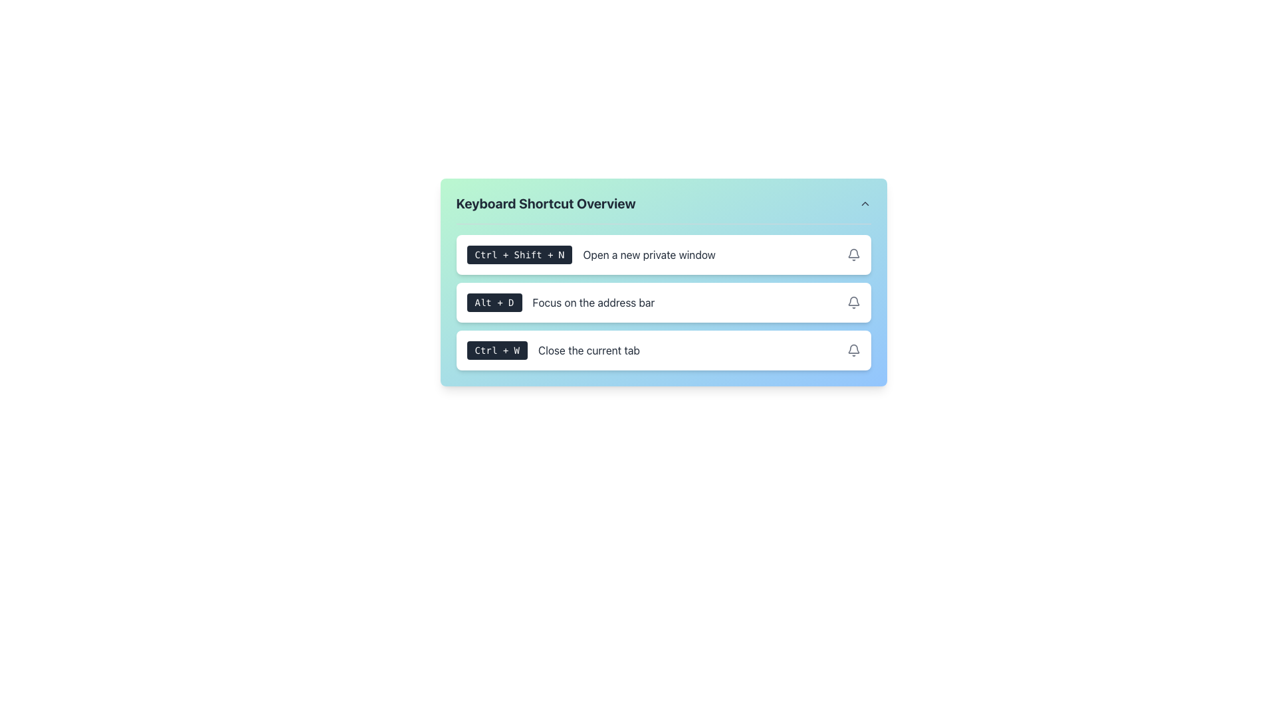 The image size is (1276, 717). What do you see at coordinates (496, 350) in the screenshot?
I see `the label displaying the keyboard shortcut 'Ctrl + W'` at bounding box center [496, 350].